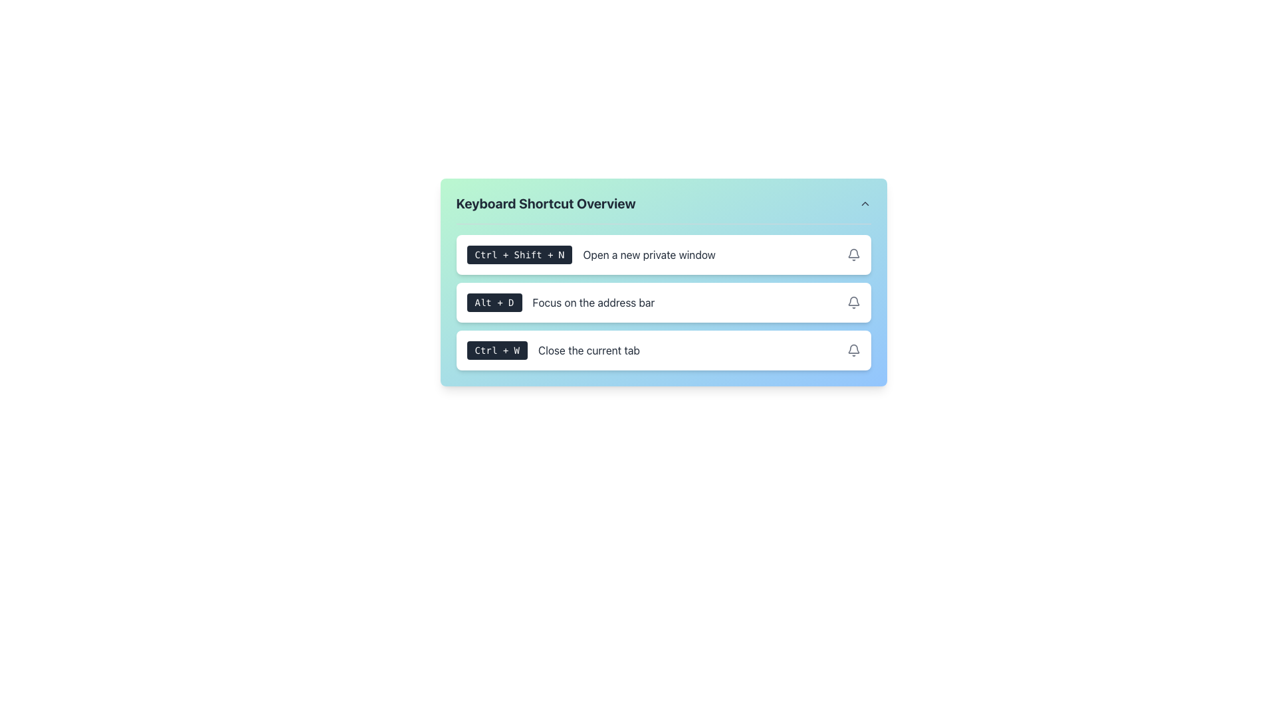 The image size is (1276, 717). What do you see at coordinates (496, 350) in the screenshot?
I see `the label displaying the keyboard shortcut 'Ctrl + W'` at bounding box center [496, 350].